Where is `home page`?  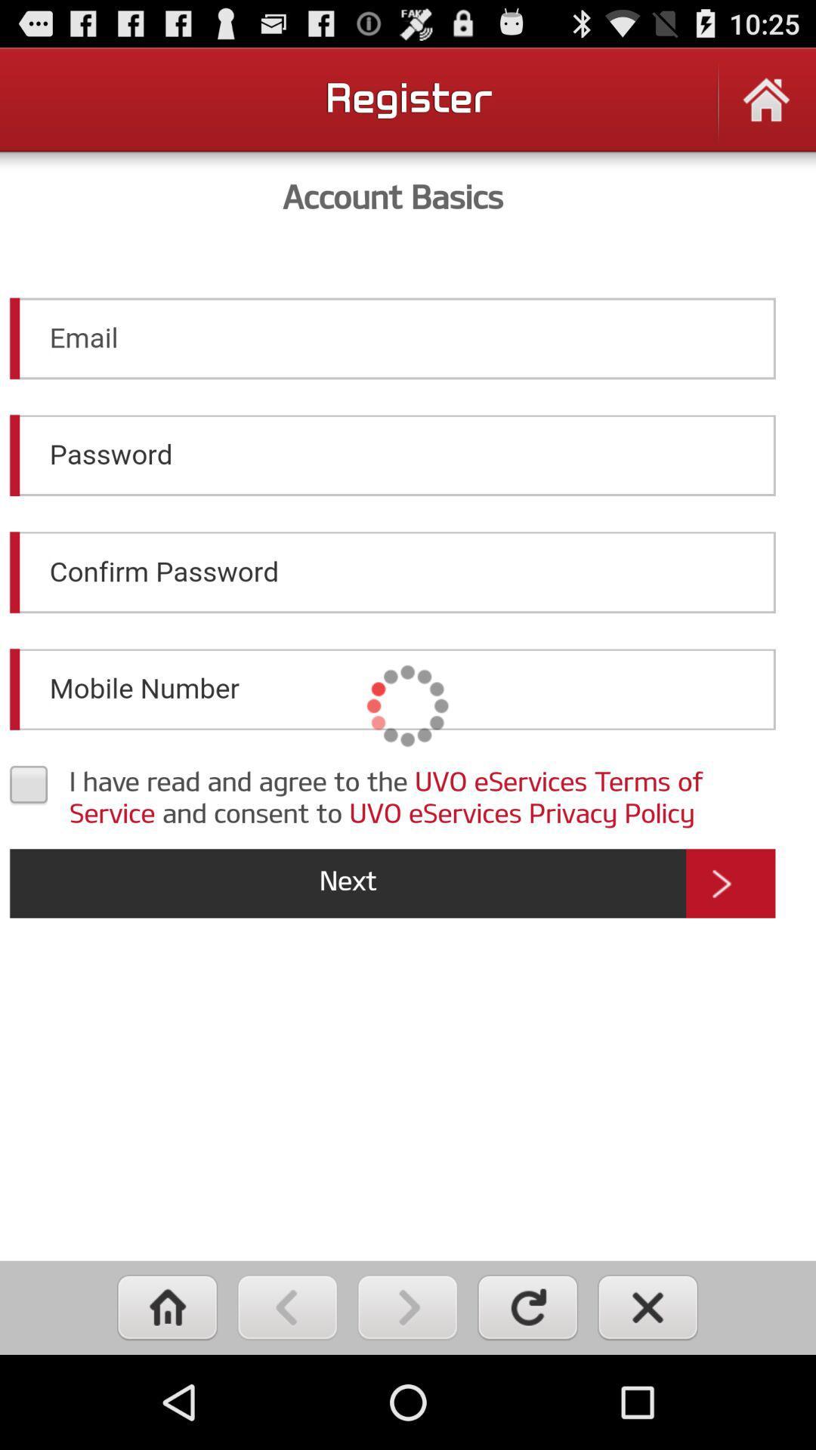
home page is located at coordinates (766, 109).